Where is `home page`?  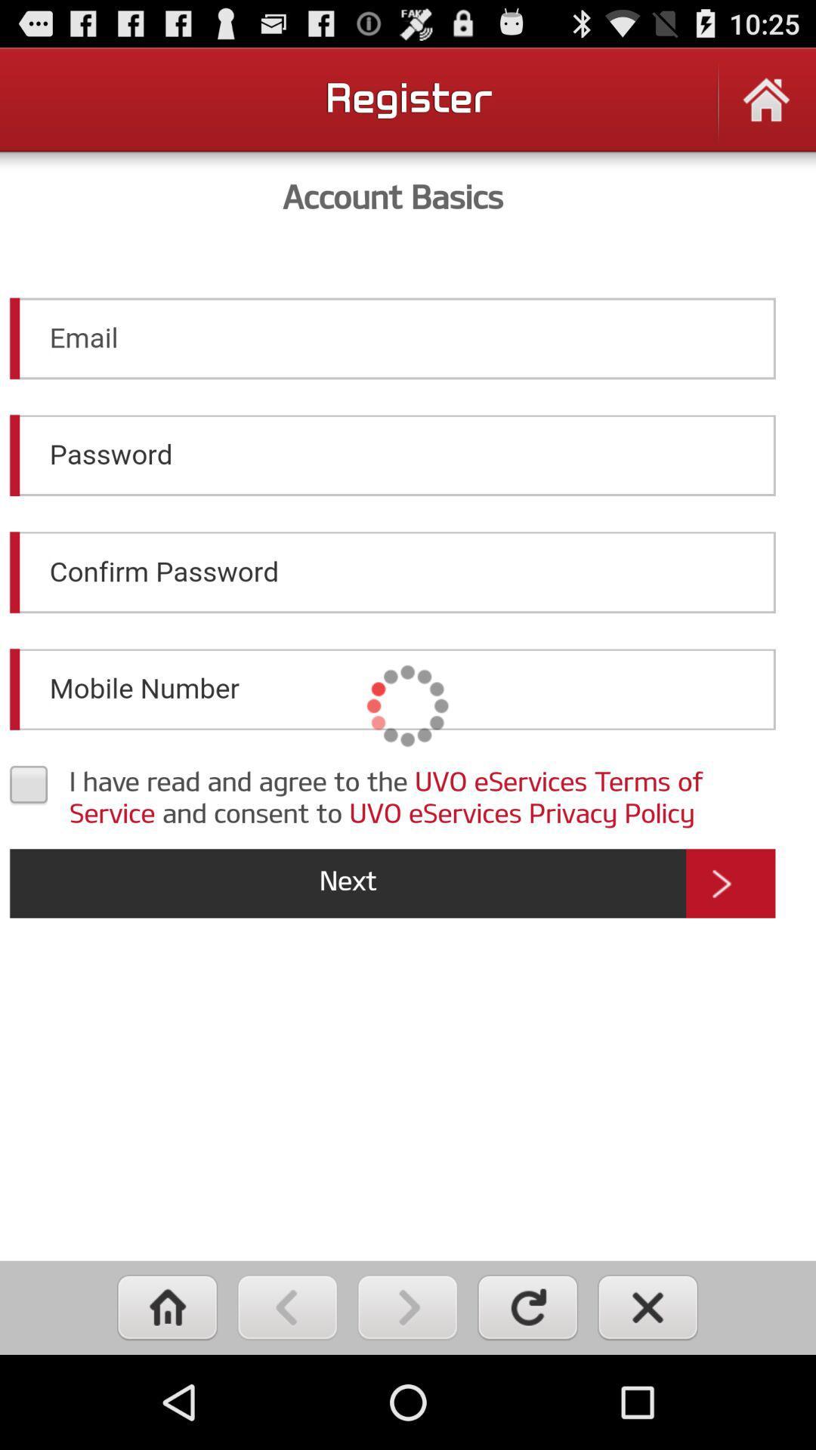
home page is located at coordinates (766, 109).